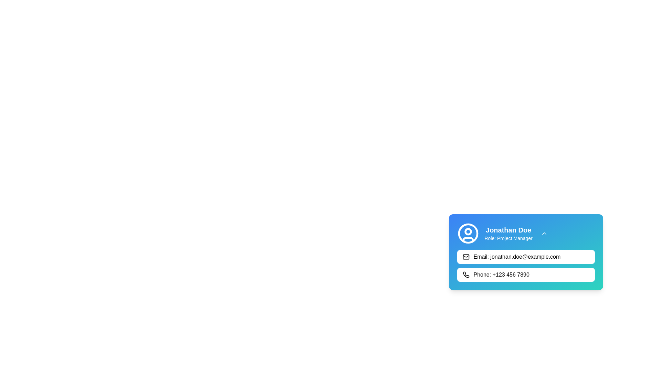 Image resolution: width=661 pixels, height=372 pixels. Describe the element at coordinates (508, 230) in the screenshot. I see `the text displaying the user's name 'Jonathan Doe' located at the top of the rectangular card interface` at that location.